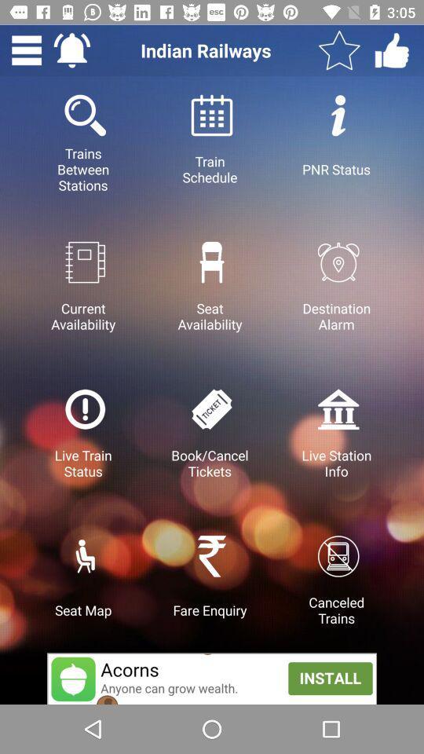  What do you see at coordinates (391, 50) in the screenshot?
I see `the thumbs_up icon` at bounding box center [391, 50].